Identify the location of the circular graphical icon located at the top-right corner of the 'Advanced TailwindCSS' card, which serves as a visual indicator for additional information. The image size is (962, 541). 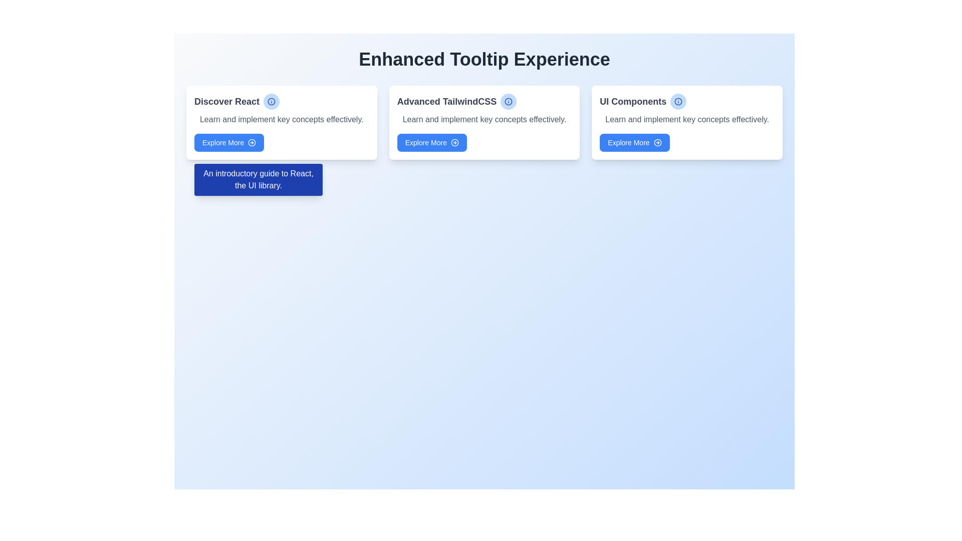
(509, 102).